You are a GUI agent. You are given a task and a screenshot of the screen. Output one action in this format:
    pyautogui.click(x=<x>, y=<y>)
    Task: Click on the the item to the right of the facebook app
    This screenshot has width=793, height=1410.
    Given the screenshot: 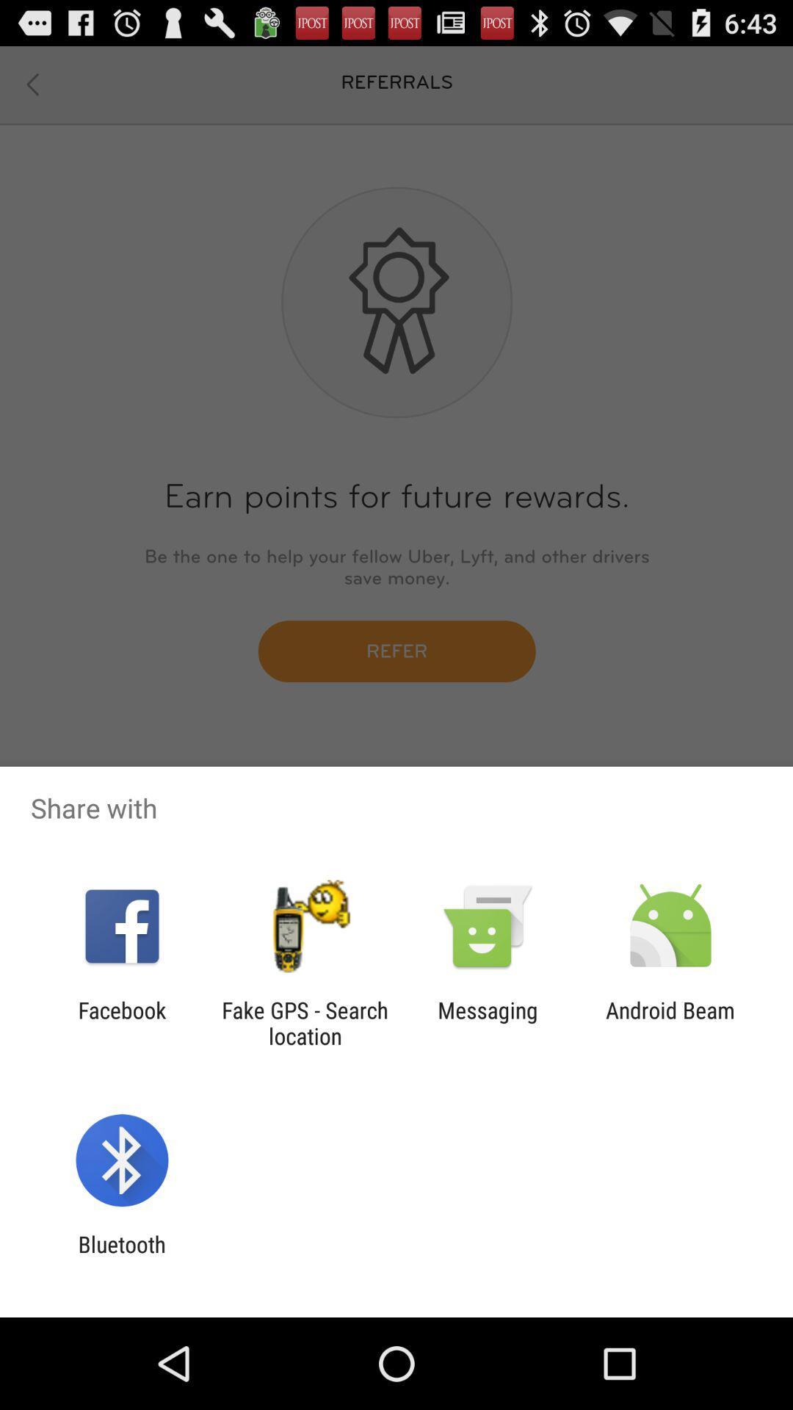 What is the action you would take?
    pyautogui.click(x=304, y=1022)
    